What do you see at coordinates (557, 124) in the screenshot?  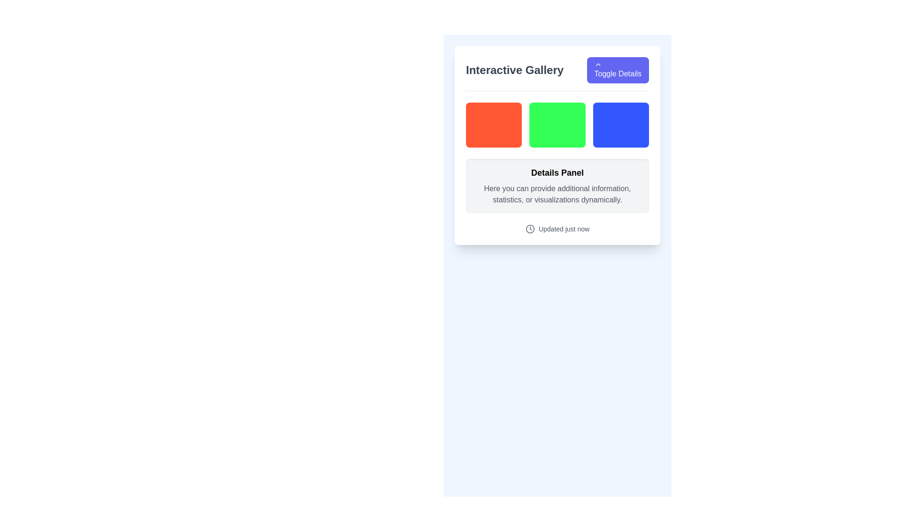 I see `the decorative block located in the center of three horizontally aligned elements under the 'Interactive Gallery' title` at bounding box center [557, 124].